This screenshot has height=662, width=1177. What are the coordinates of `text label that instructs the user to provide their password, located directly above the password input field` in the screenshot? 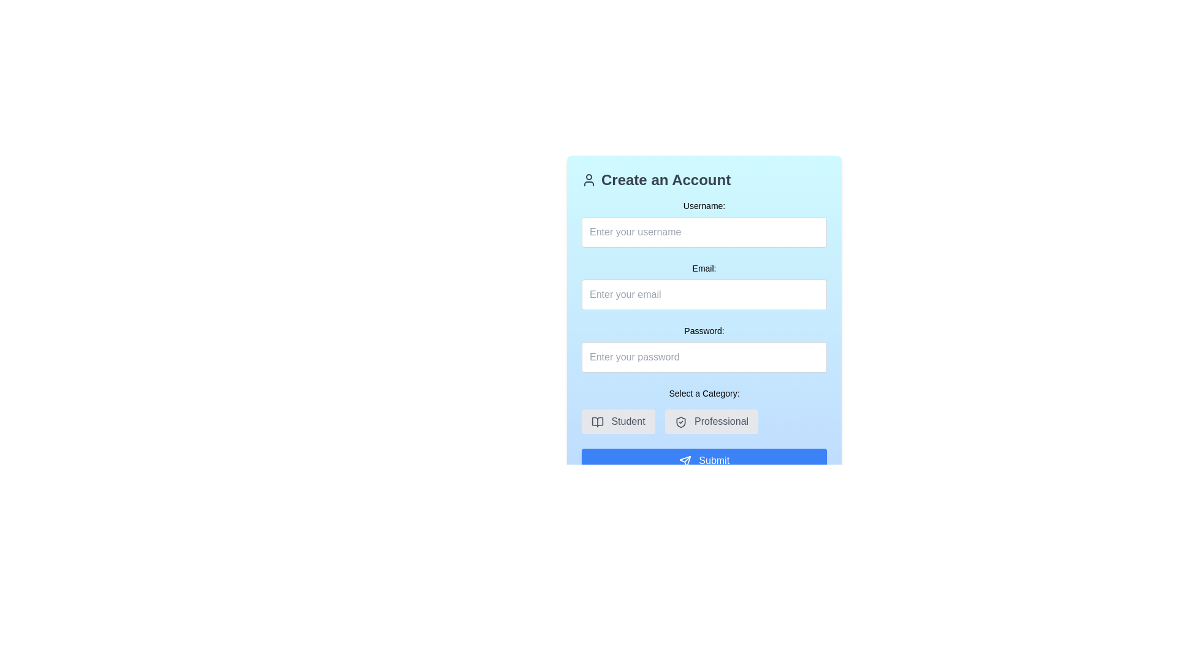 It's located at (704, 331).